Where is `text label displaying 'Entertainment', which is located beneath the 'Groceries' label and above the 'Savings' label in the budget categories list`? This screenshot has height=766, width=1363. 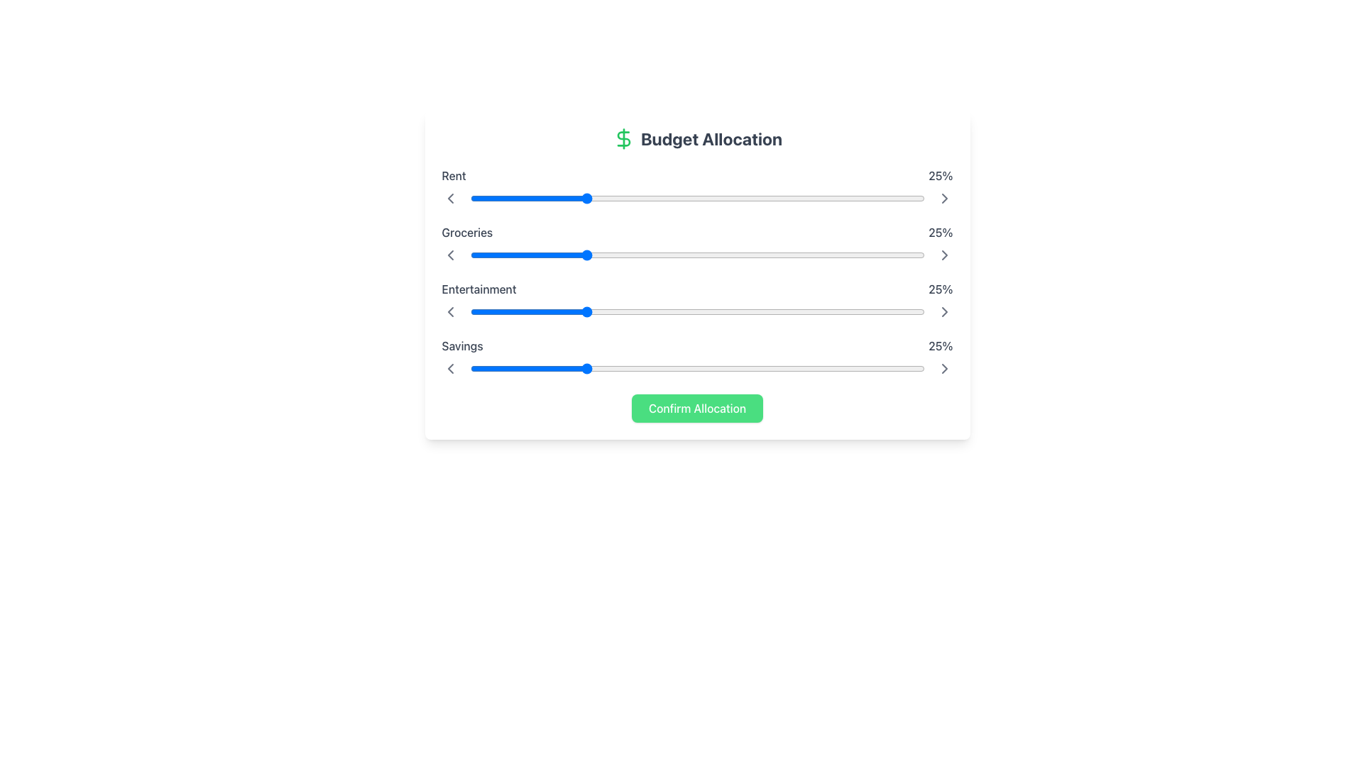
text label displaying 'Entertainment', which is located beneath the 'Groceries' label and above the 'Savings' label in the budget categories list is located at coordinates (479, 289).